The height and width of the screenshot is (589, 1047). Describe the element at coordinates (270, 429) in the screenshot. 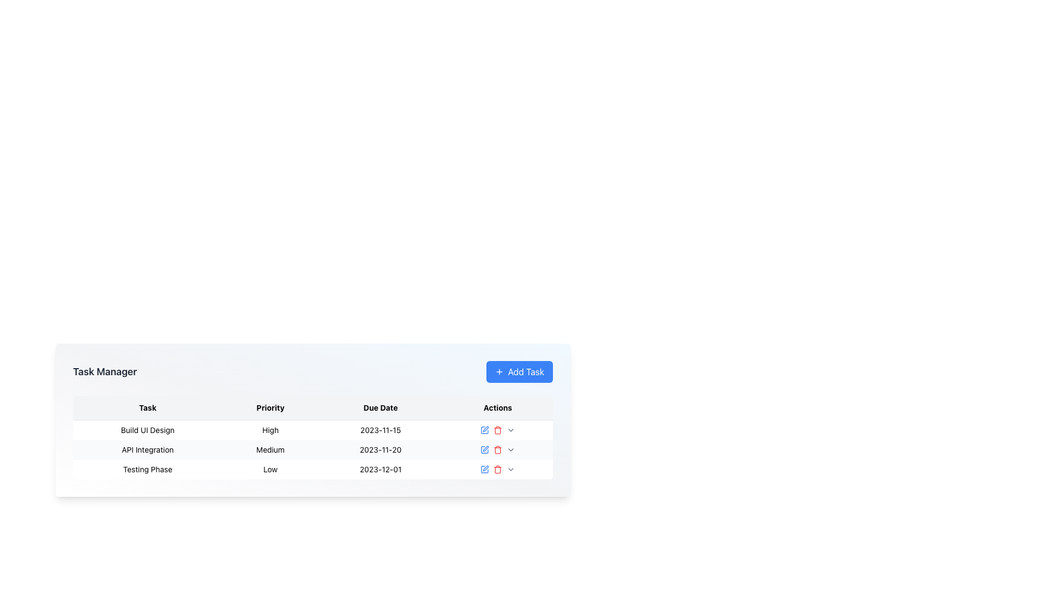

I see `the text label displaying 'High' in the 'Priority' column of the table for the task 'Build UI Design'` at that location.